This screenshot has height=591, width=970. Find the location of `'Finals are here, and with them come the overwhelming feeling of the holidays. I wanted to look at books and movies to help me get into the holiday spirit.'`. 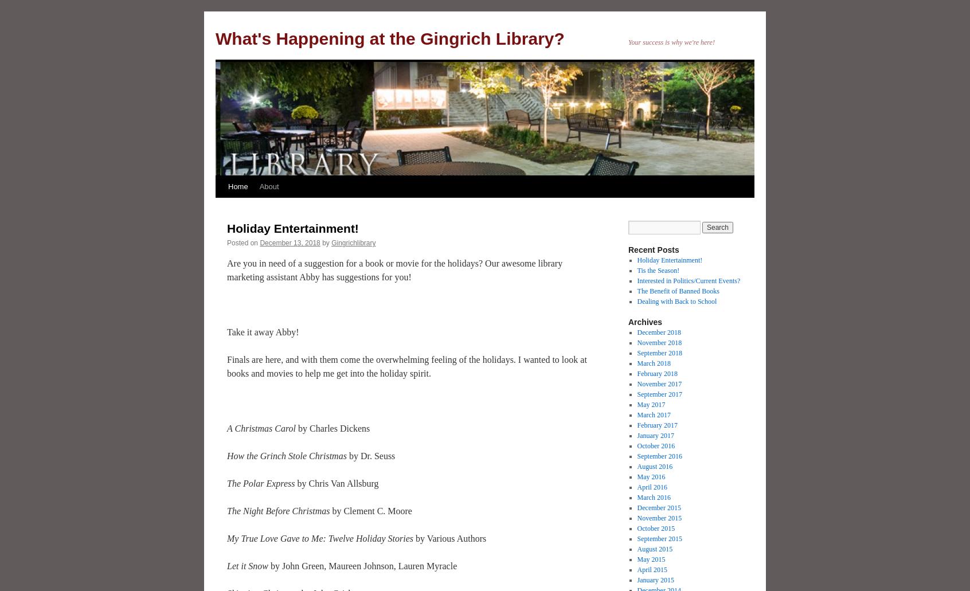

'Finals are here, and with them come the overwhelming feeling of the holidays. I wanted to look at books and movies to help me get into the holiday spirit.' is located at coordinates (226, 366).